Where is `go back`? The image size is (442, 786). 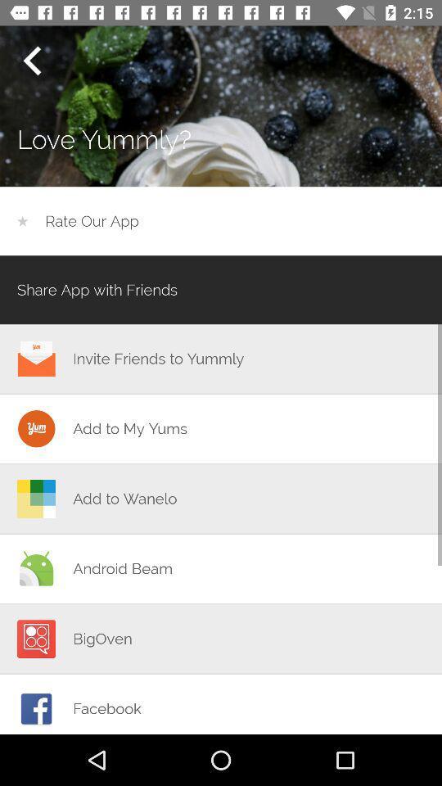 go back is located at coordinates (31, 61).